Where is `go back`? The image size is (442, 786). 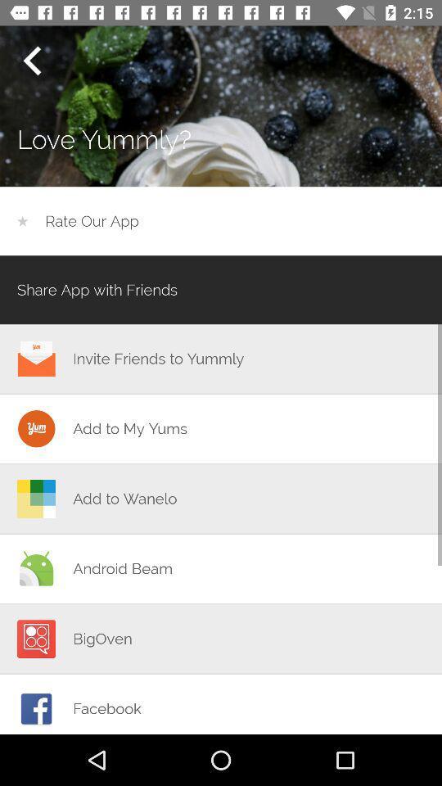 go back is located at coordinates (31, 61).